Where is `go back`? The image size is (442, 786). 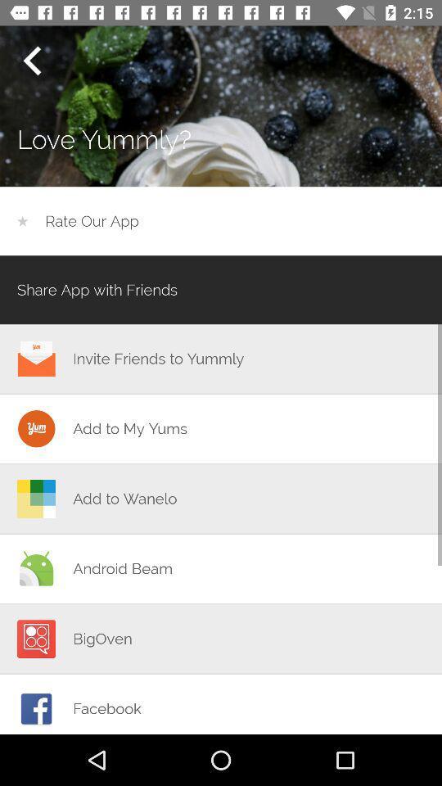 go back is located at coordinates (31, 61).